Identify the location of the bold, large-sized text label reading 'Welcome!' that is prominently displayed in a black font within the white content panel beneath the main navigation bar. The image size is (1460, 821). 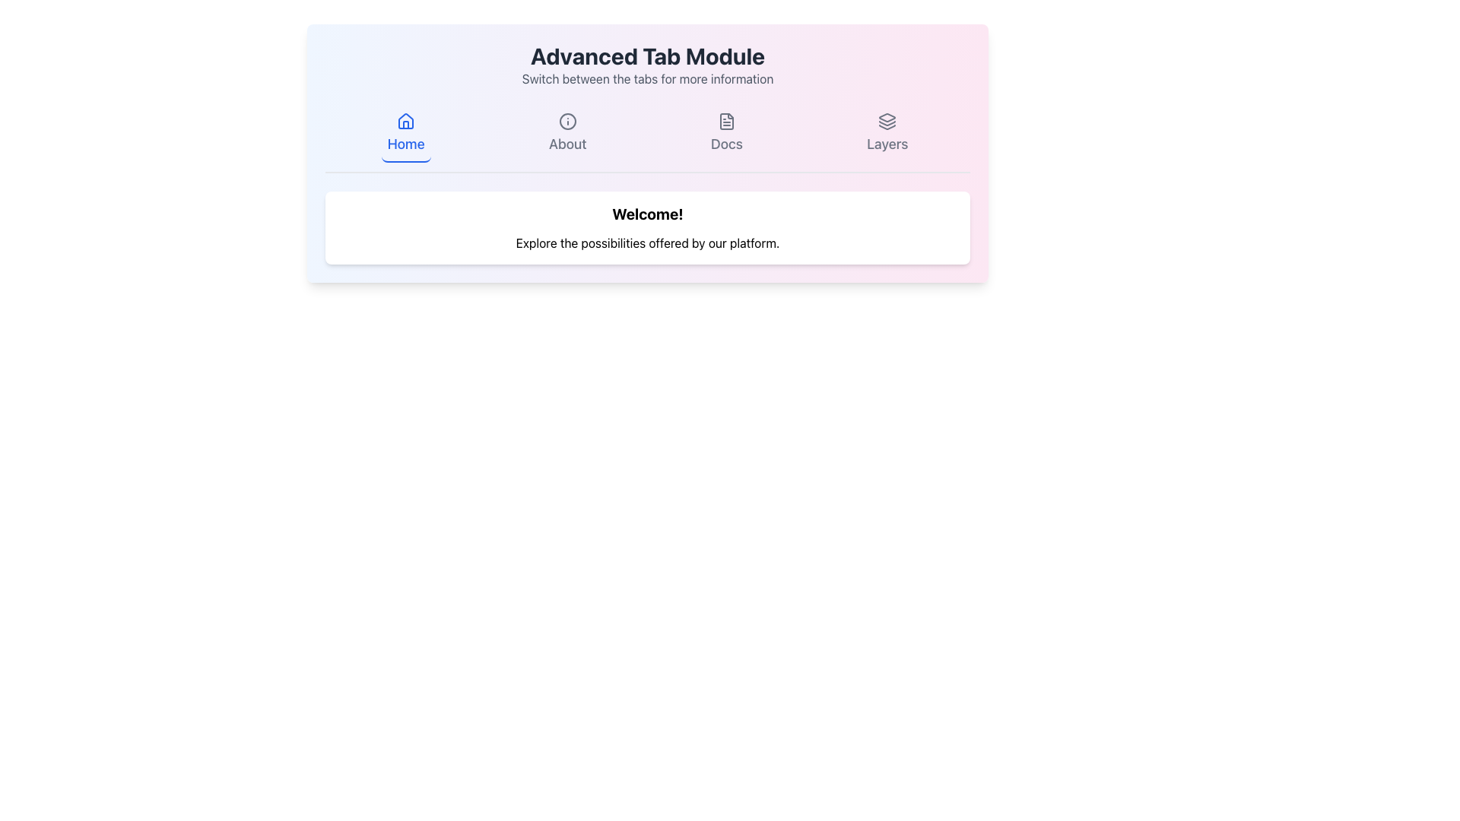
(647, 214).